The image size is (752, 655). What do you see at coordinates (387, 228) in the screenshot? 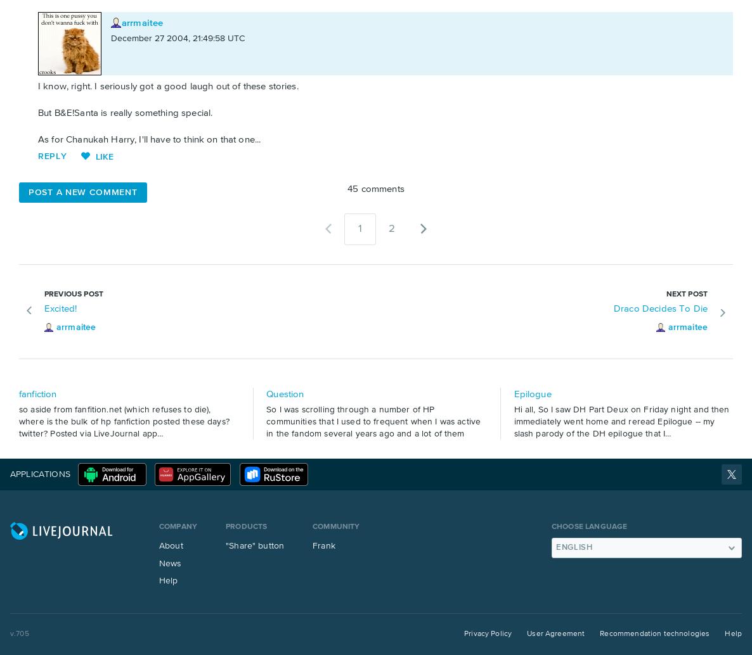
I see `'2'` at bounding box center [387, 228].